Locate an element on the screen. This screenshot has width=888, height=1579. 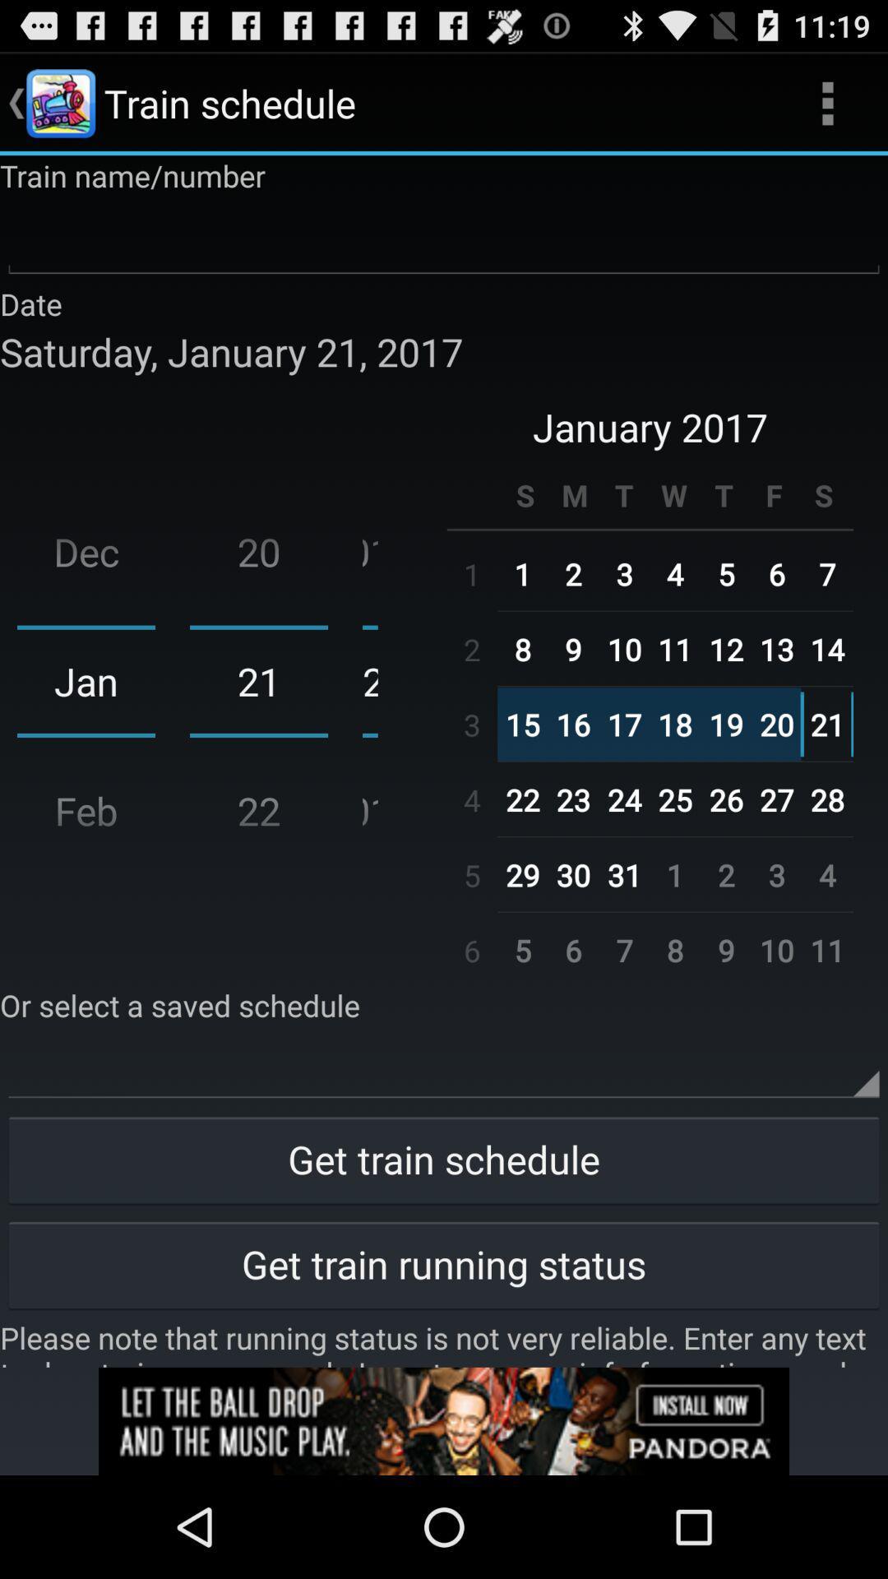
click on advertisement is located at coordinates (444, 1420).